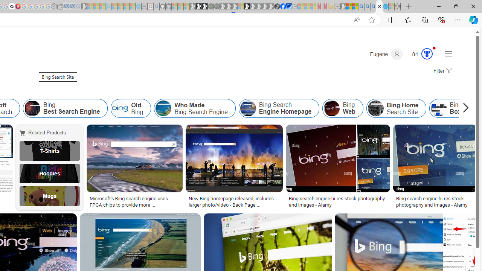 This screenshot has width=482, height=271. What do you see at coordinates (397, 6) in the screenshot?
I see `'Favorites - Sleeping'` at bounding box center [397, 6].